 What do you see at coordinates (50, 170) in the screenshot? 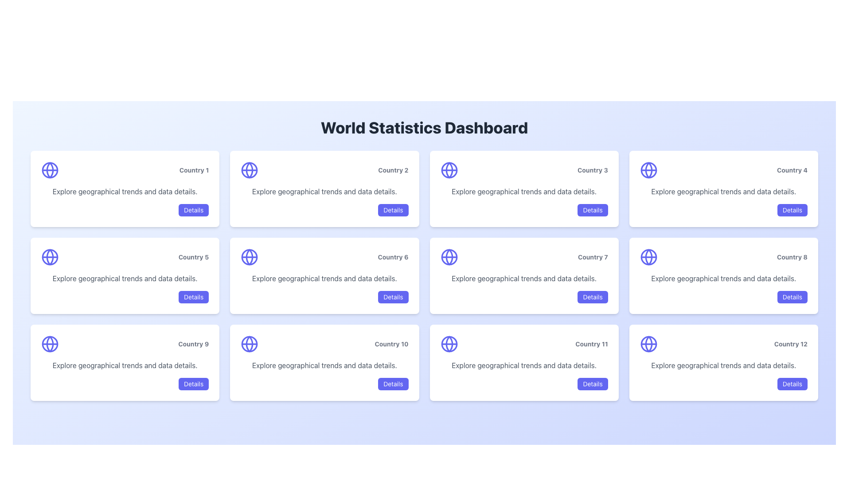
I see `the leftmost icon representing geographical information associated with the card labeled 'Country 1', located in the top-left area of the grid layout` at bounding box center [50, 170].